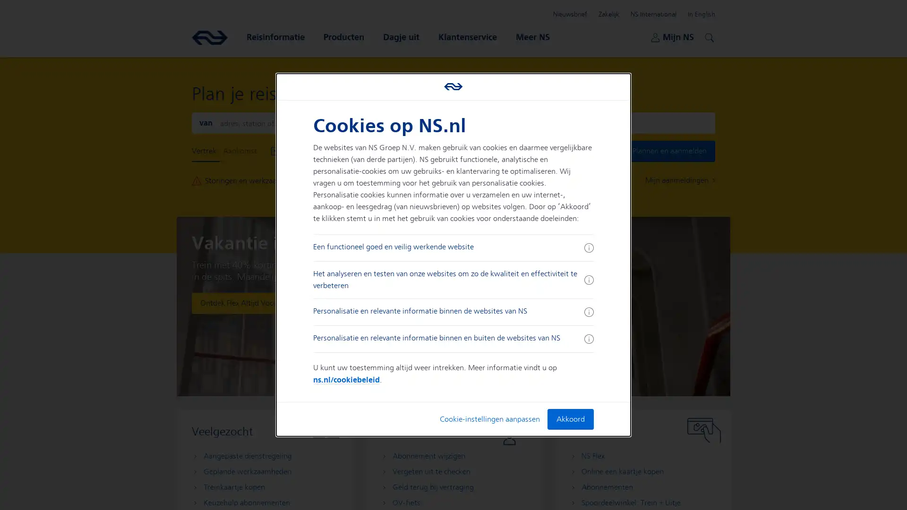  What do you see at coordinates (433, 151) in the screenshot?
I see `Toon Opties` at bounding box center [433, 151].